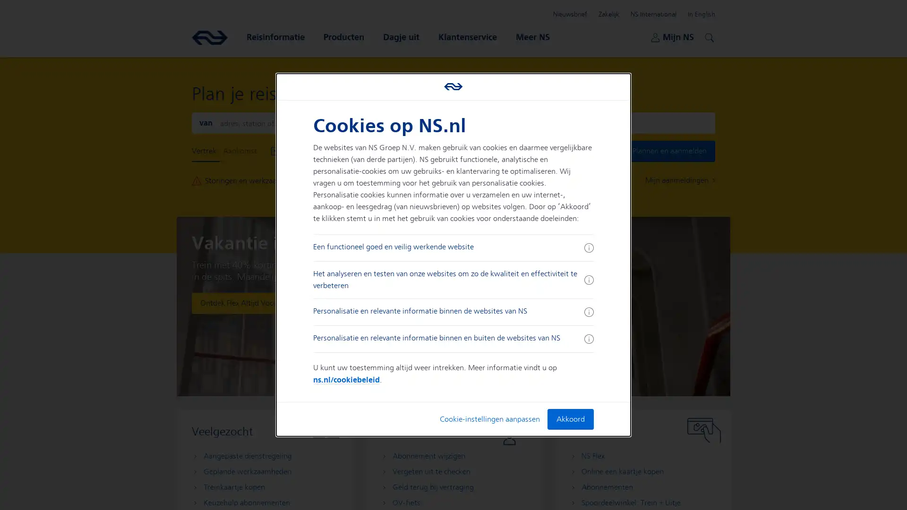  What do you see at coordinates (433, 151) in the screenshot?
I see `Toon Opties` at bounding box center [433, 151].